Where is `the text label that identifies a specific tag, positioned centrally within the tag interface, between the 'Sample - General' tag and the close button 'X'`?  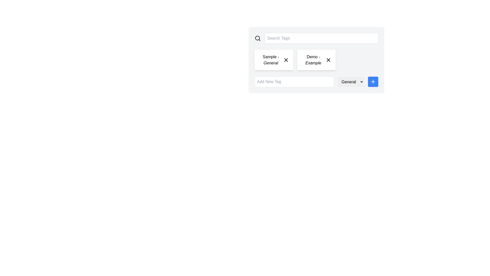
the text label that identifies a specific tag, positioned centrally within the tag interface, between the 'Sample - General' tag and the close button 'X' is located at coordinates (313, 60).